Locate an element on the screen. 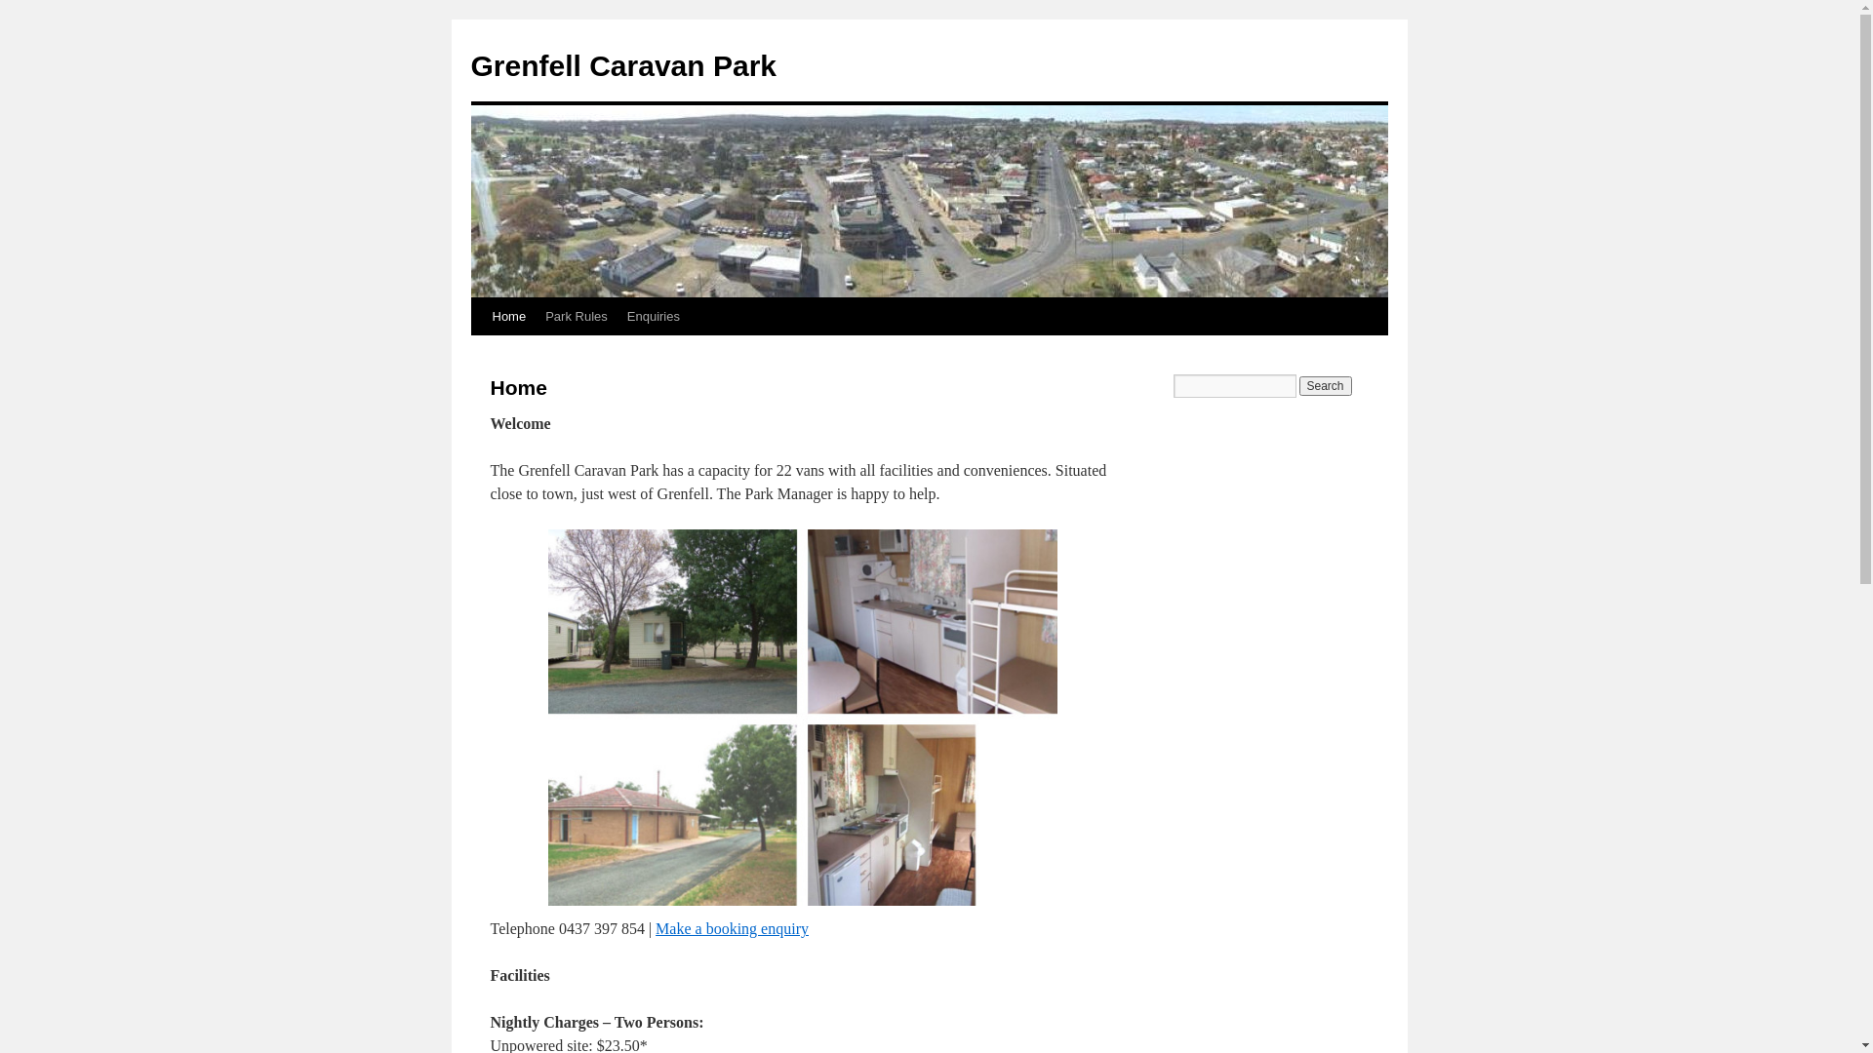 The width and height of the screenshot is (1873, 1053). 'Enquiries' is located at coordinates (654, 315).